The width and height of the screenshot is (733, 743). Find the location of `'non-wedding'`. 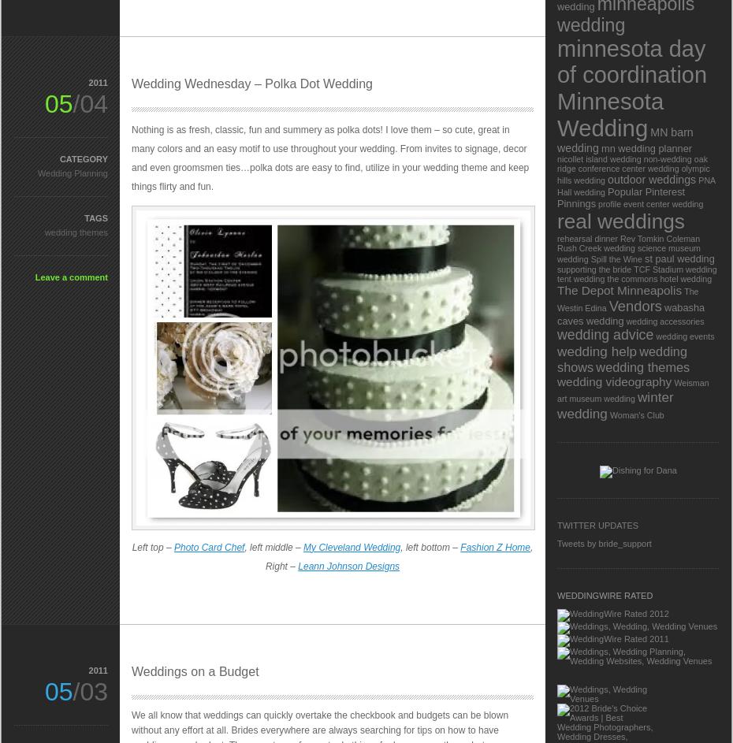

'non-wedding' is located at coordinates (642, 158).